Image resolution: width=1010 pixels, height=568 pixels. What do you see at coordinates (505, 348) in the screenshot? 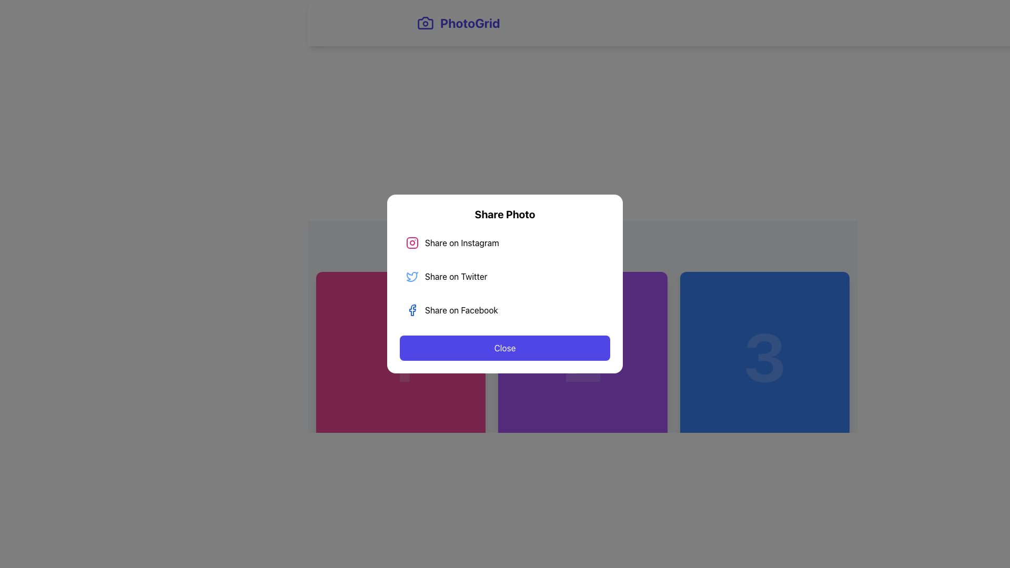
I see `the close button at the bottom of the 'Share Photo' modal dialog` at bounding box center [505, 348].